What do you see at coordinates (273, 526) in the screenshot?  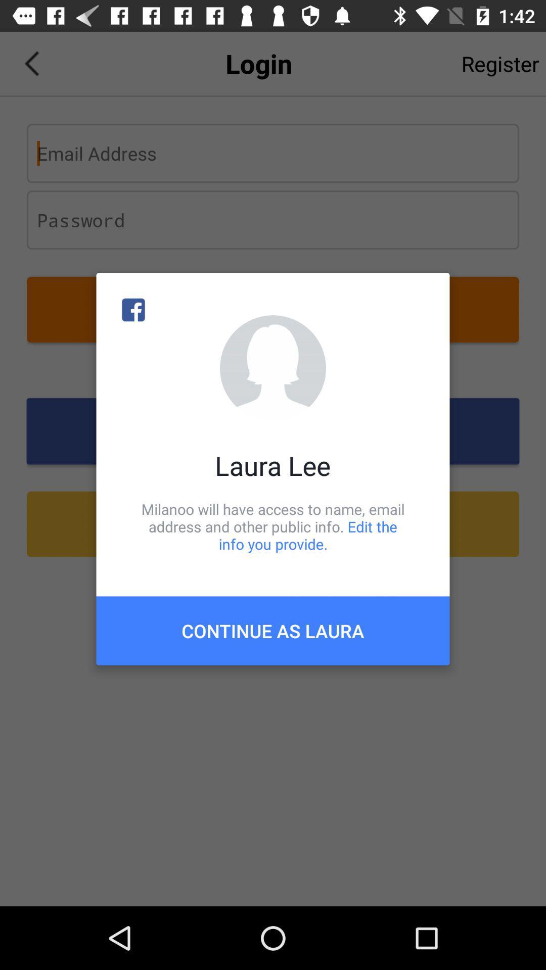 I see `milanoo will have` at bounding box center [273, 526].